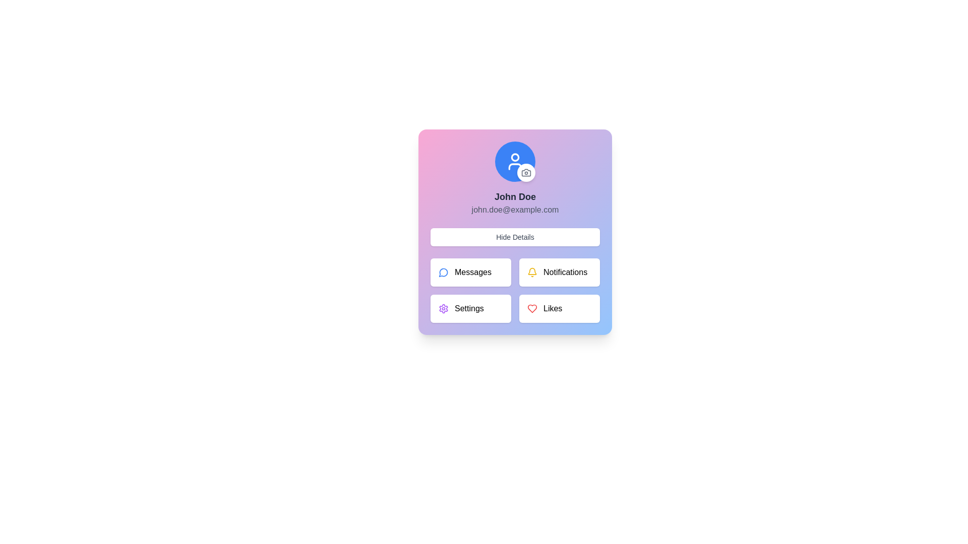 Image resolution: width=968 pixels, height=544 pixels. I want to click on the red heart-shaped icon for likes located, so click(532, 308).